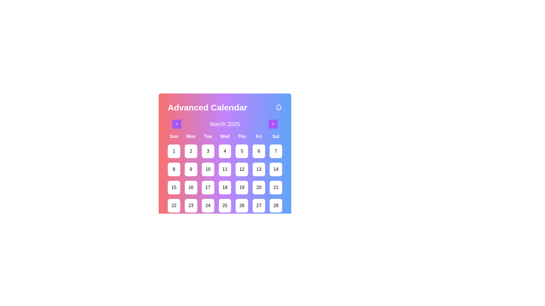 This screenshot has width=545, height=306. Describe the element at coordinates (242, 205) in the screenshot. I see `the square-shaped button displaying the number '26' in the center, located in the last row of the calendar grid under 'Thu'` at that location.